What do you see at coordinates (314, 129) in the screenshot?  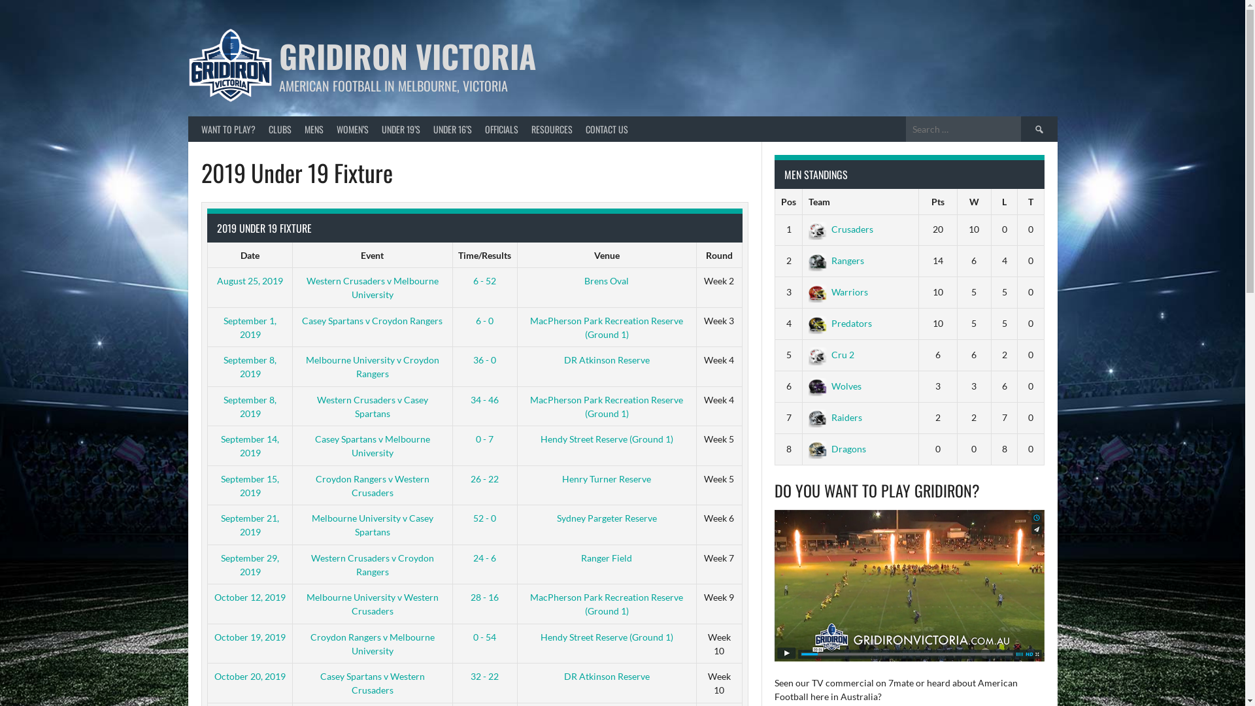 I see `'MENS'` at bounding box center [314, 129].